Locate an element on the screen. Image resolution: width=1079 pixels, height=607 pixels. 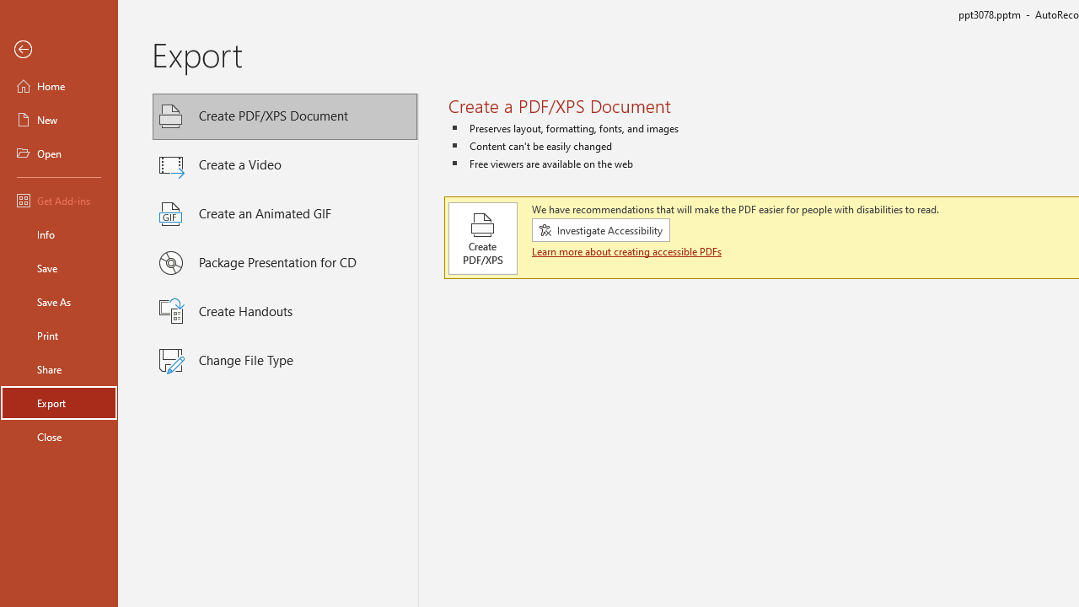
'Investigate Accessibility' is located at coordinates (600, 230).